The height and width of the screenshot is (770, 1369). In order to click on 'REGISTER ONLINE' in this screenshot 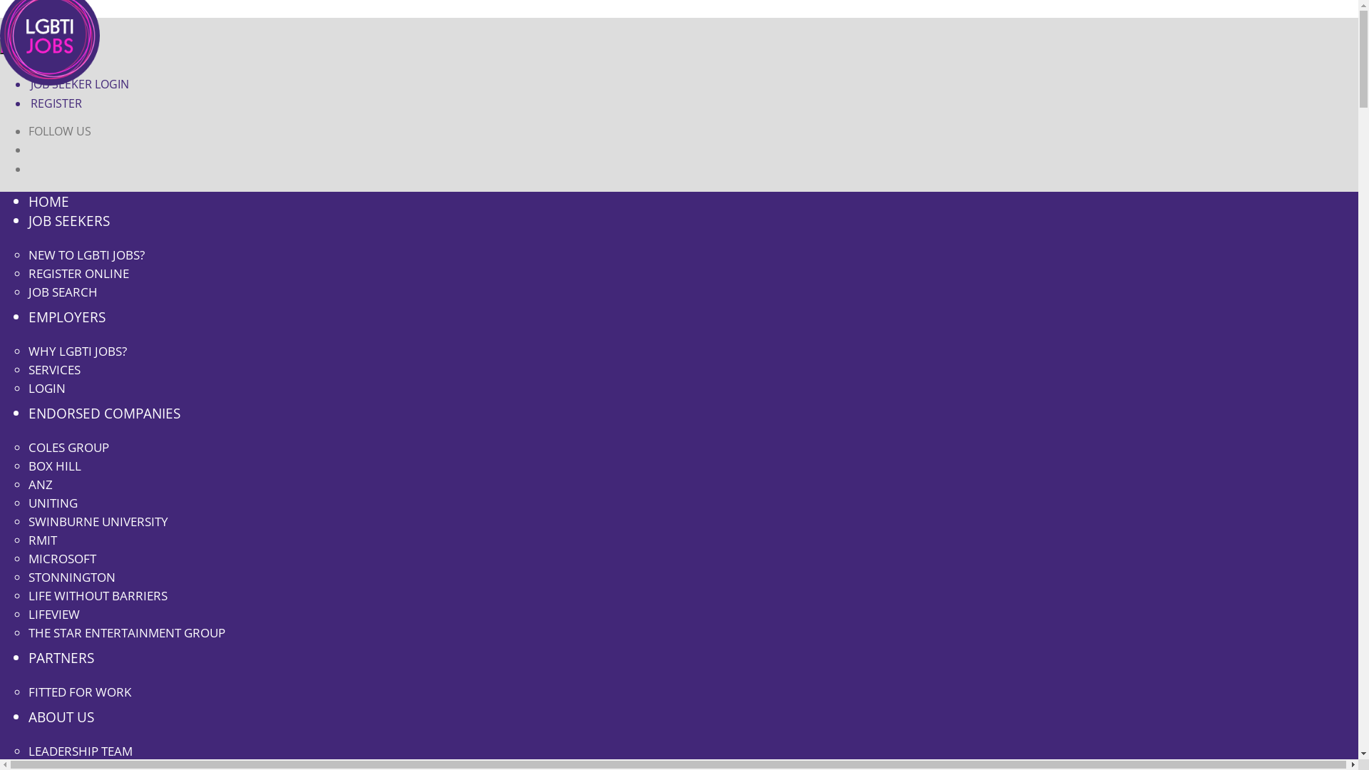, I will do `click(78, 273)`.